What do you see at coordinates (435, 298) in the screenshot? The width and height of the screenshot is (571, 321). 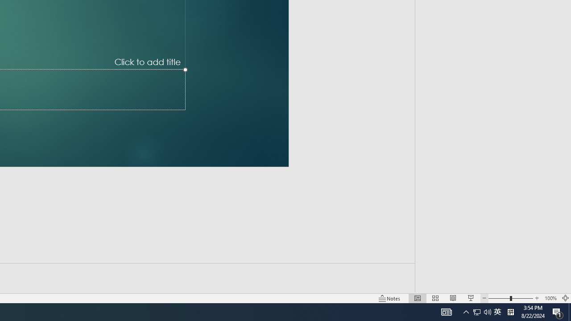 I see `'Slide Sorter'` at bounding box center [435, 298].